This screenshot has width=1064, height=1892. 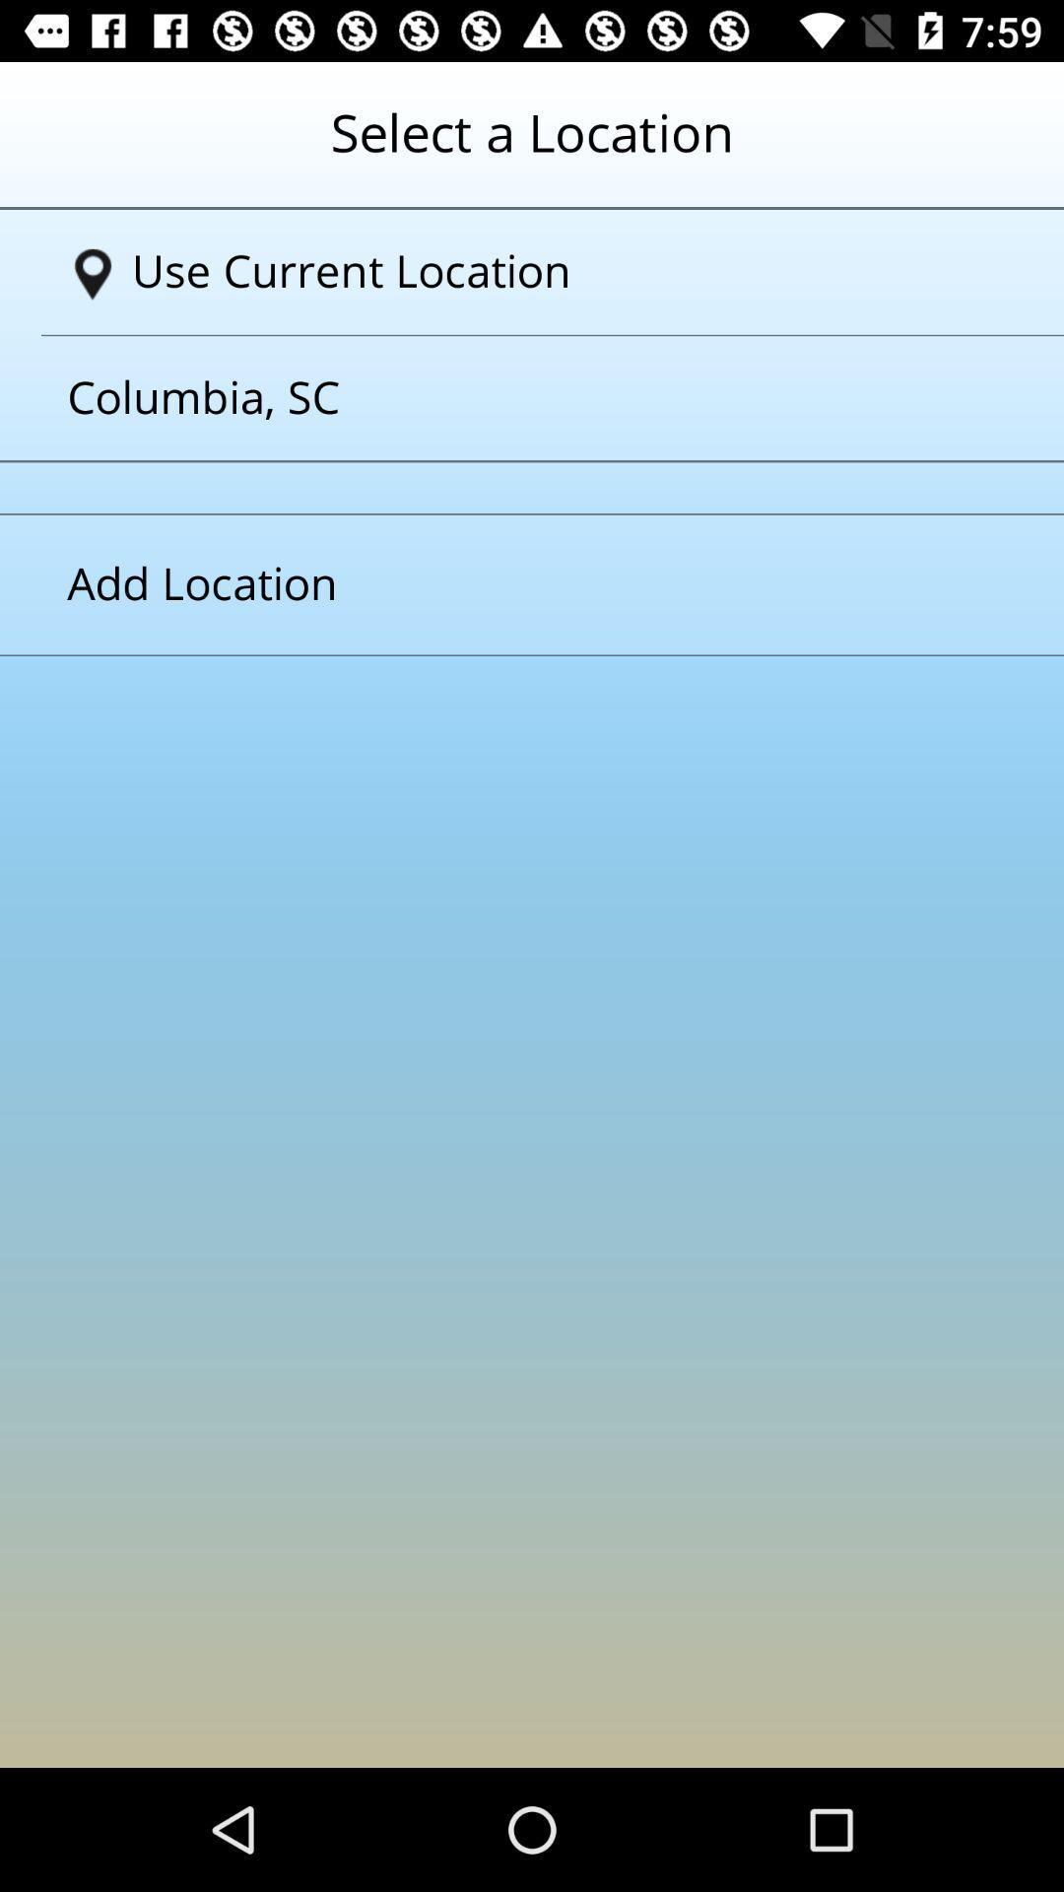 I want to click on columbiasc which is below the text use current location, so click(x=506, y=397).